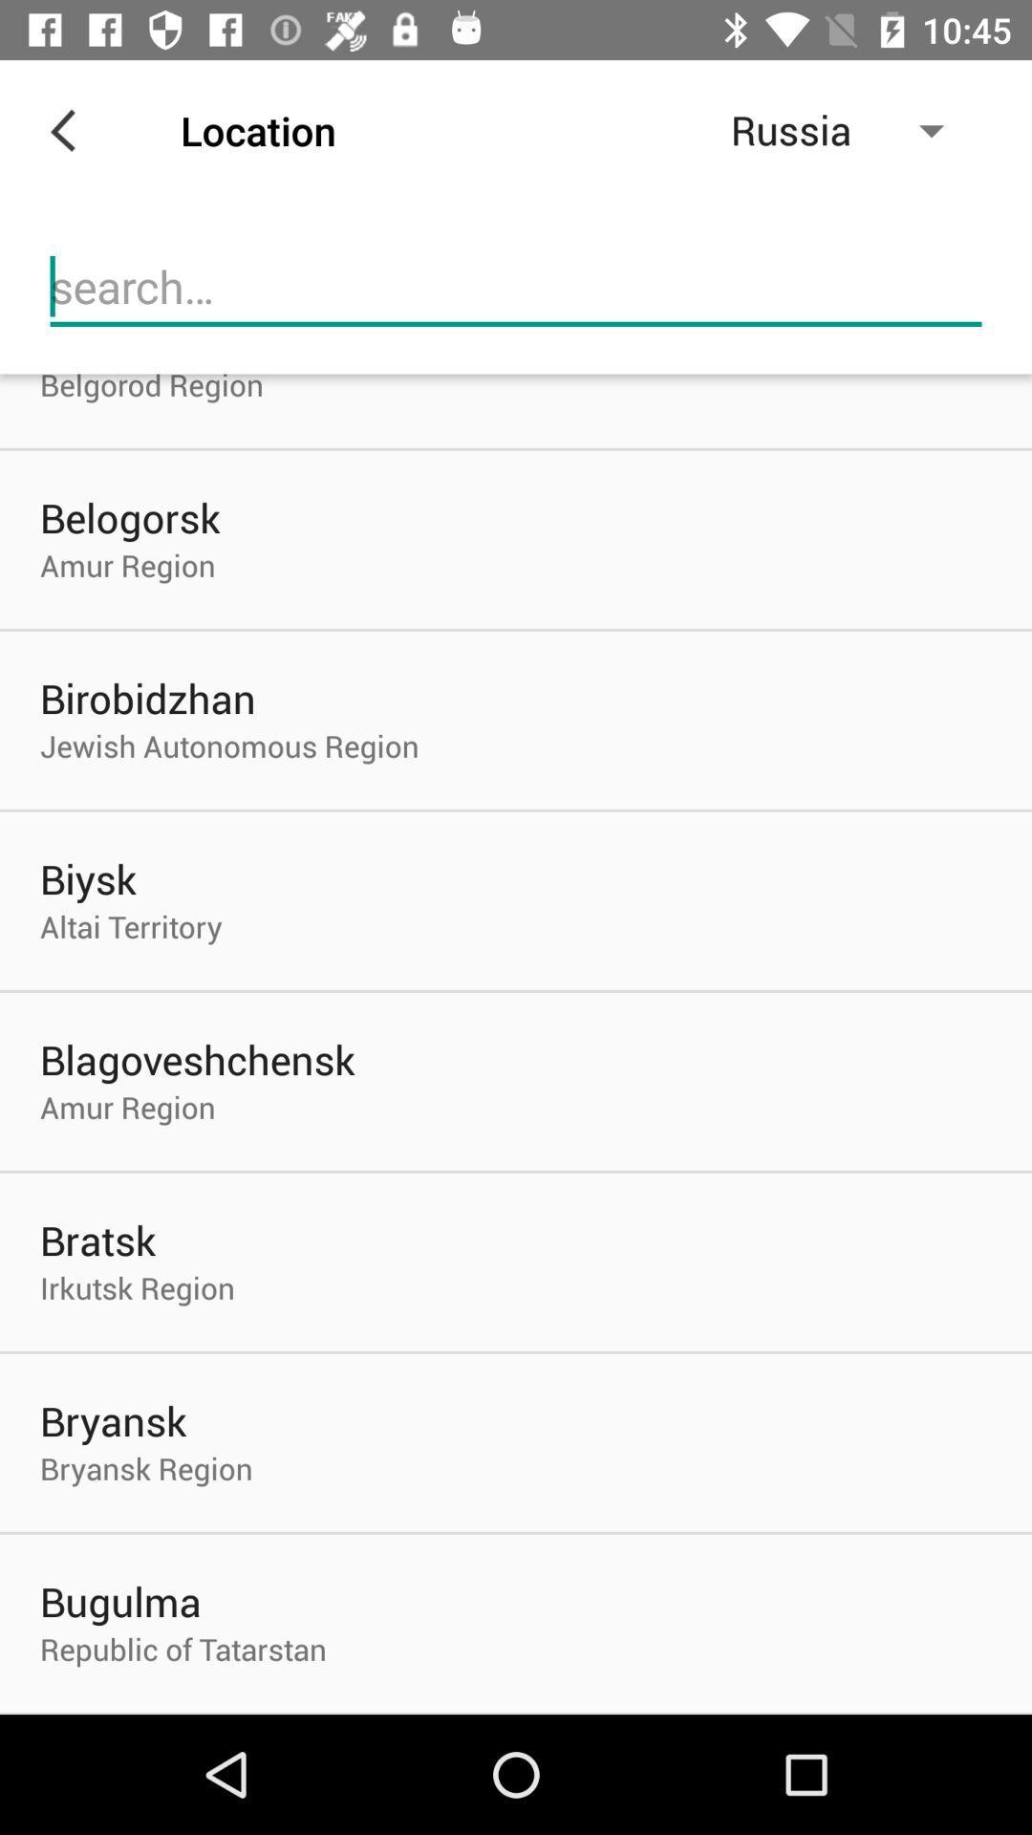  I want to click on search area, so click(516, 286).